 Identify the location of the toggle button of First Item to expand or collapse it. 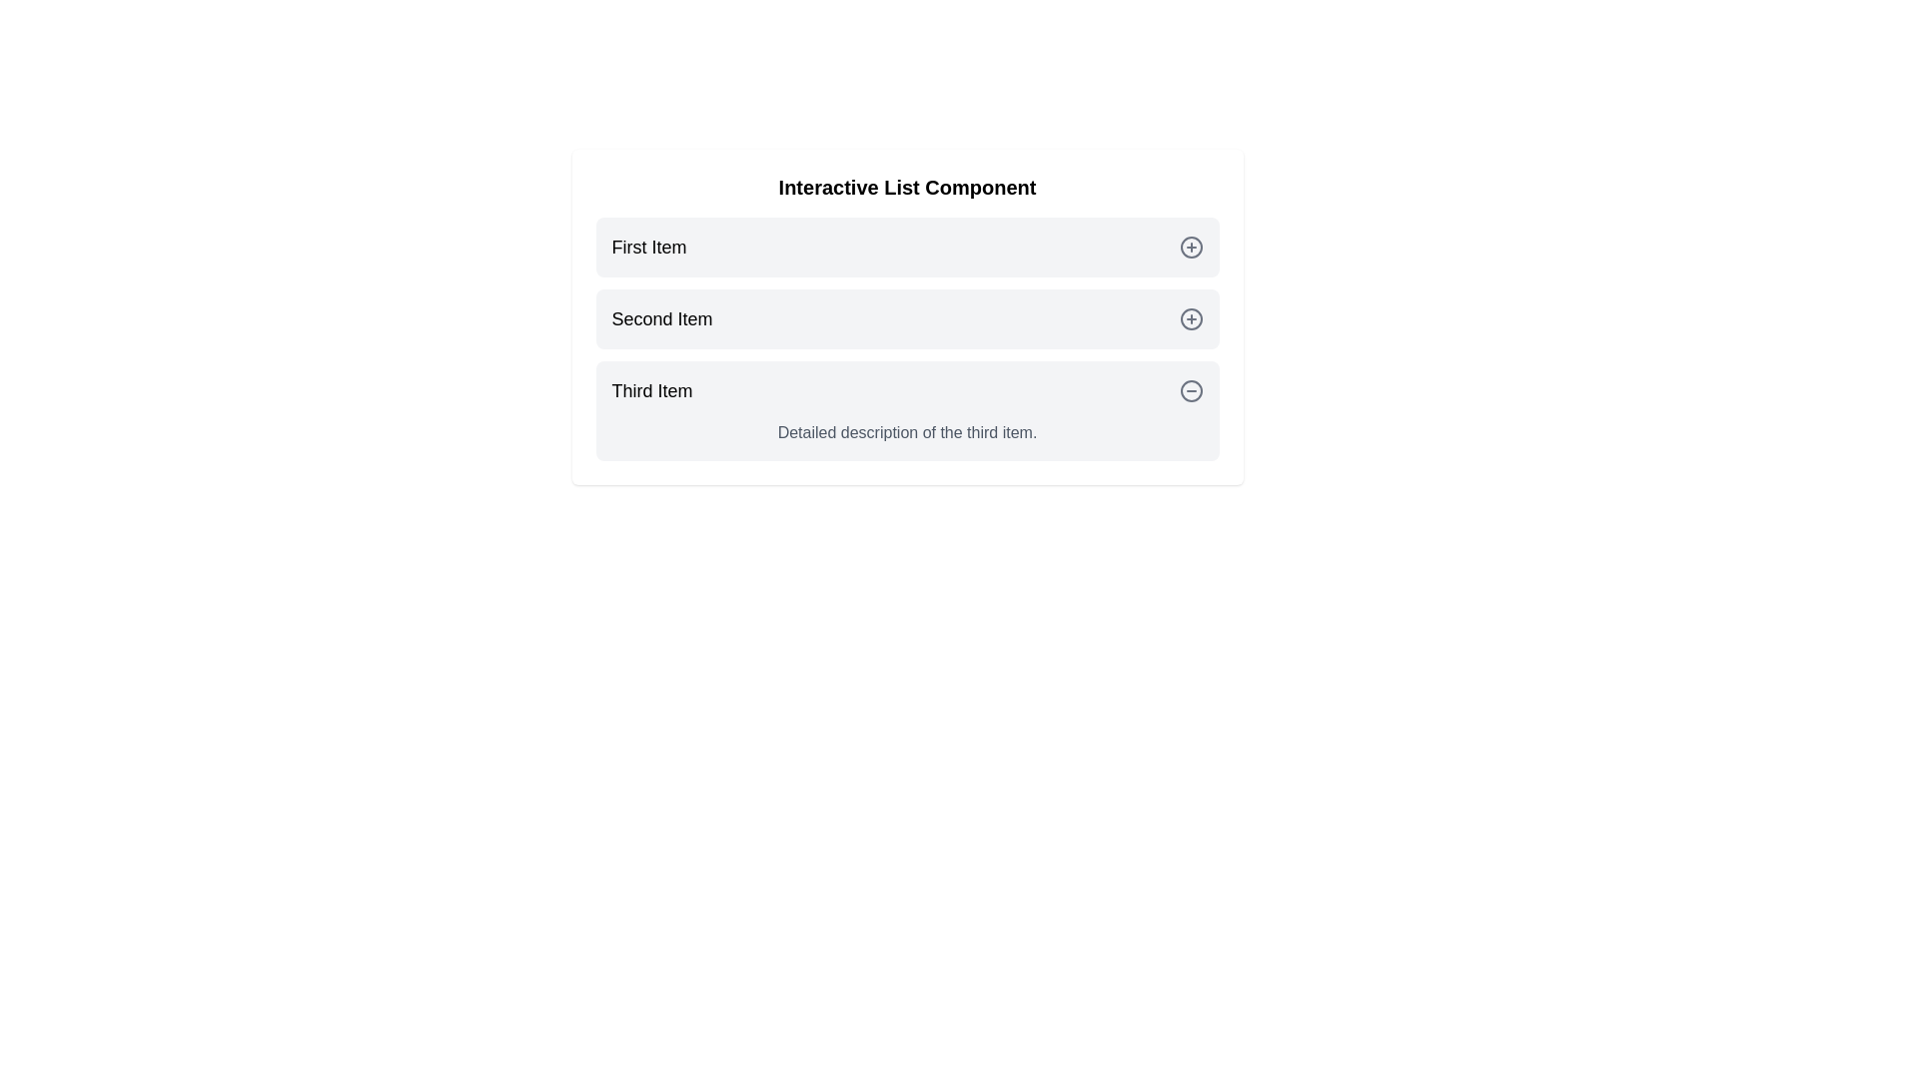
(1191, 246).